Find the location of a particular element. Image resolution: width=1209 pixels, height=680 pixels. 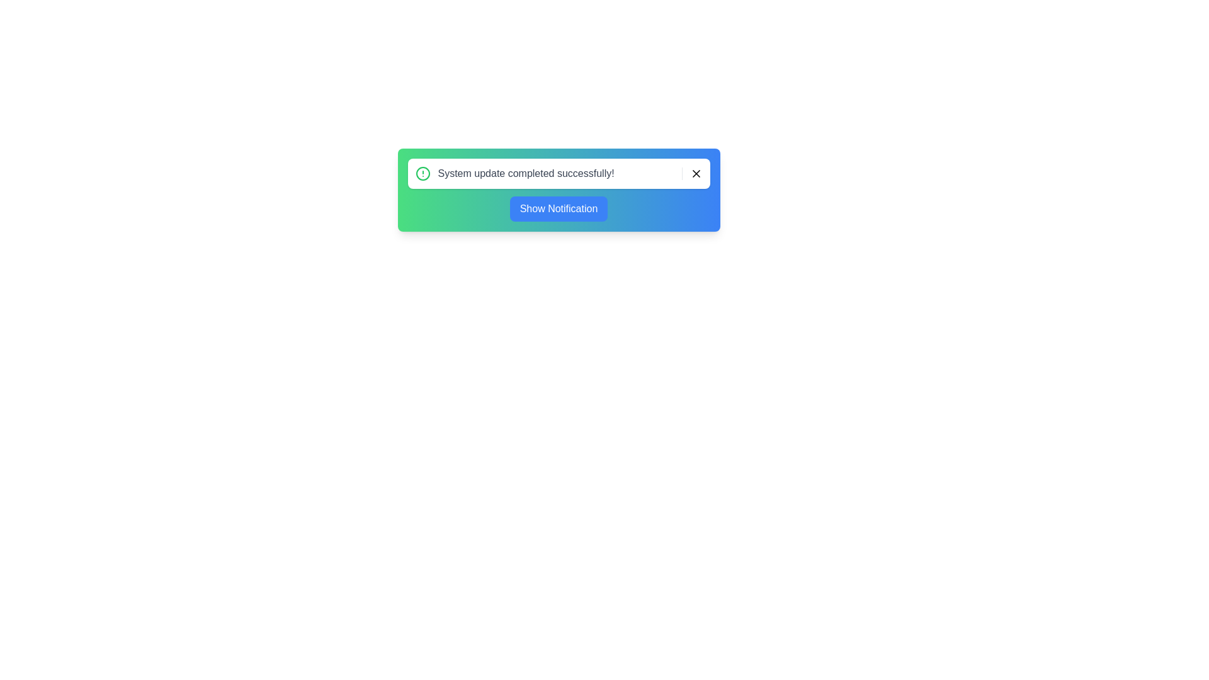

the decorative circular SVG element in the notification bar that represents a notification or alert symbol is located at coordinates (423, 174).